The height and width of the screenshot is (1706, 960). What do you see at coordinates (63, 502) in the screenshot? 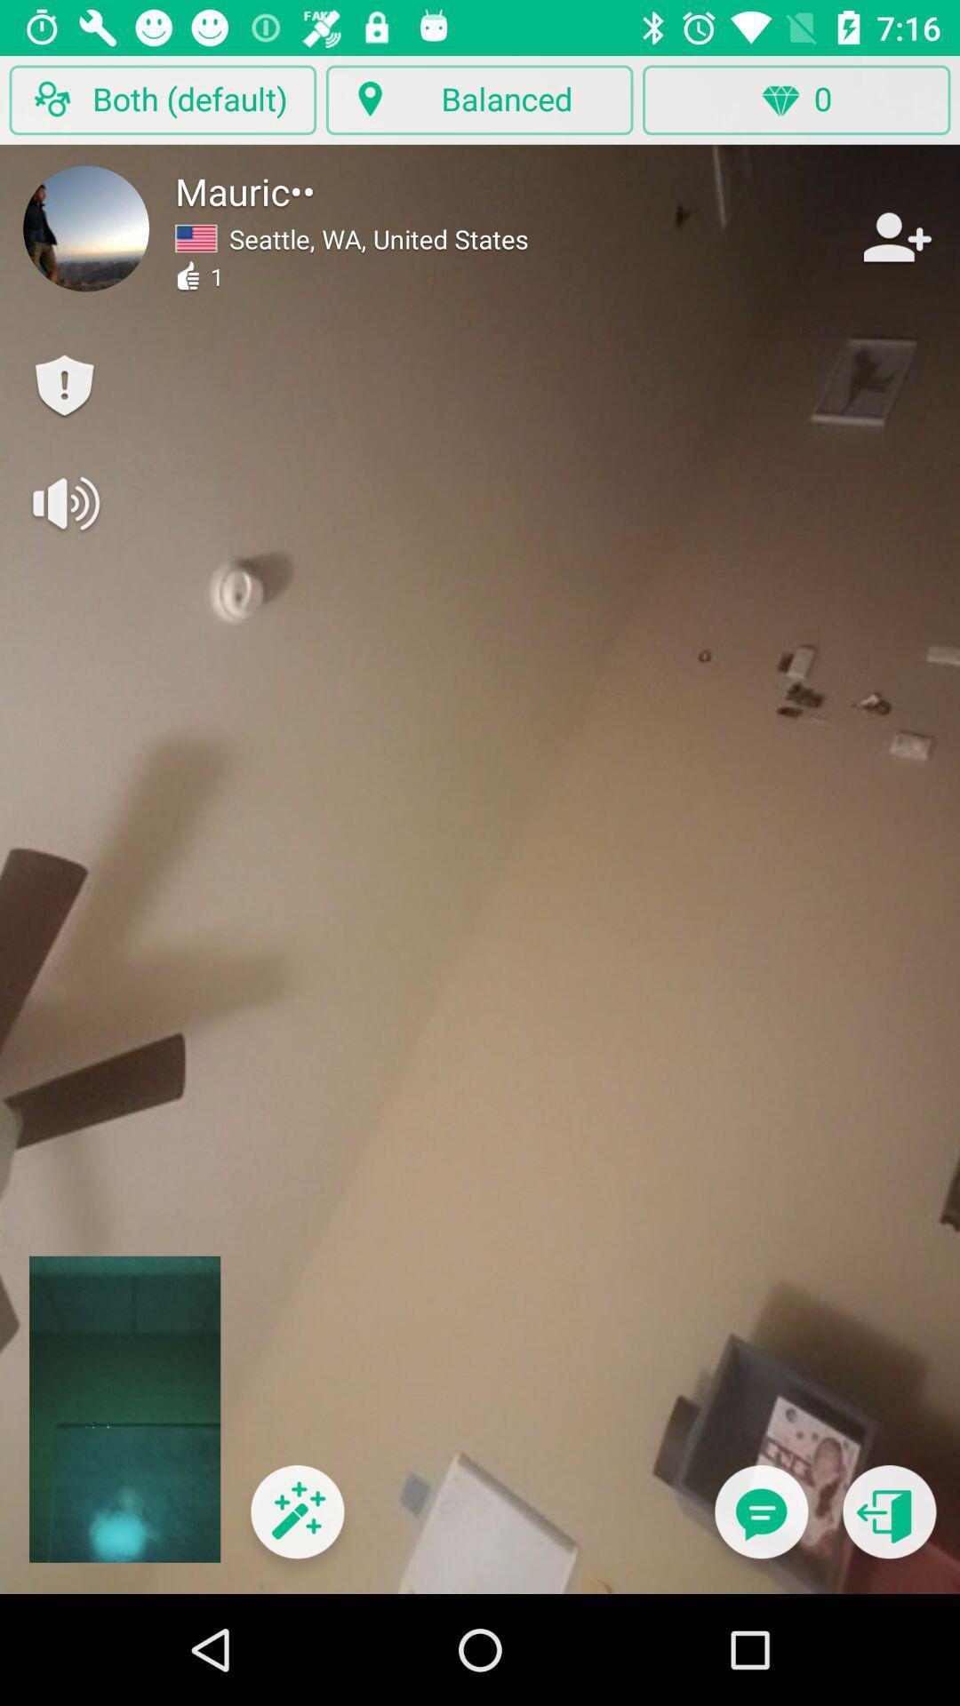
I see `click here to mute/turn off sound` at bounding box center [63, 502].